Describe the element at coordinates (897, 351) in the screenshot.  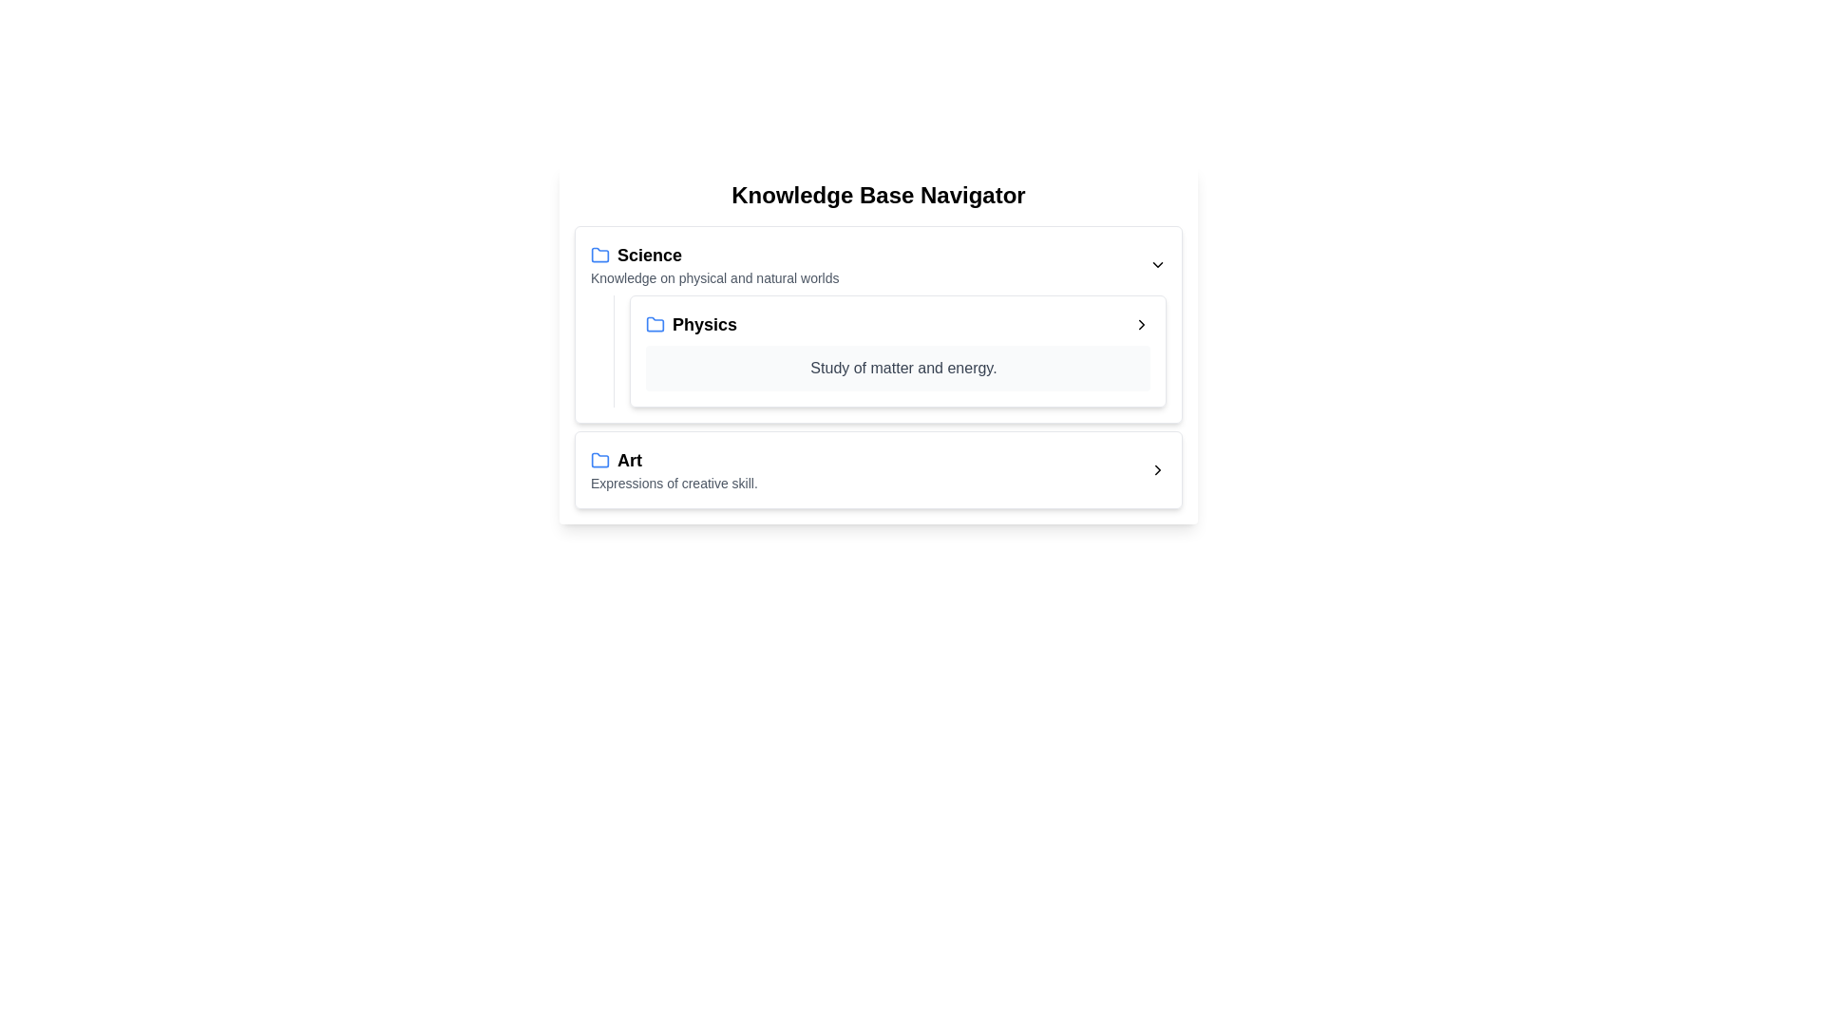
I see `the 'Physics' list item under the 'Science' section` at that location.